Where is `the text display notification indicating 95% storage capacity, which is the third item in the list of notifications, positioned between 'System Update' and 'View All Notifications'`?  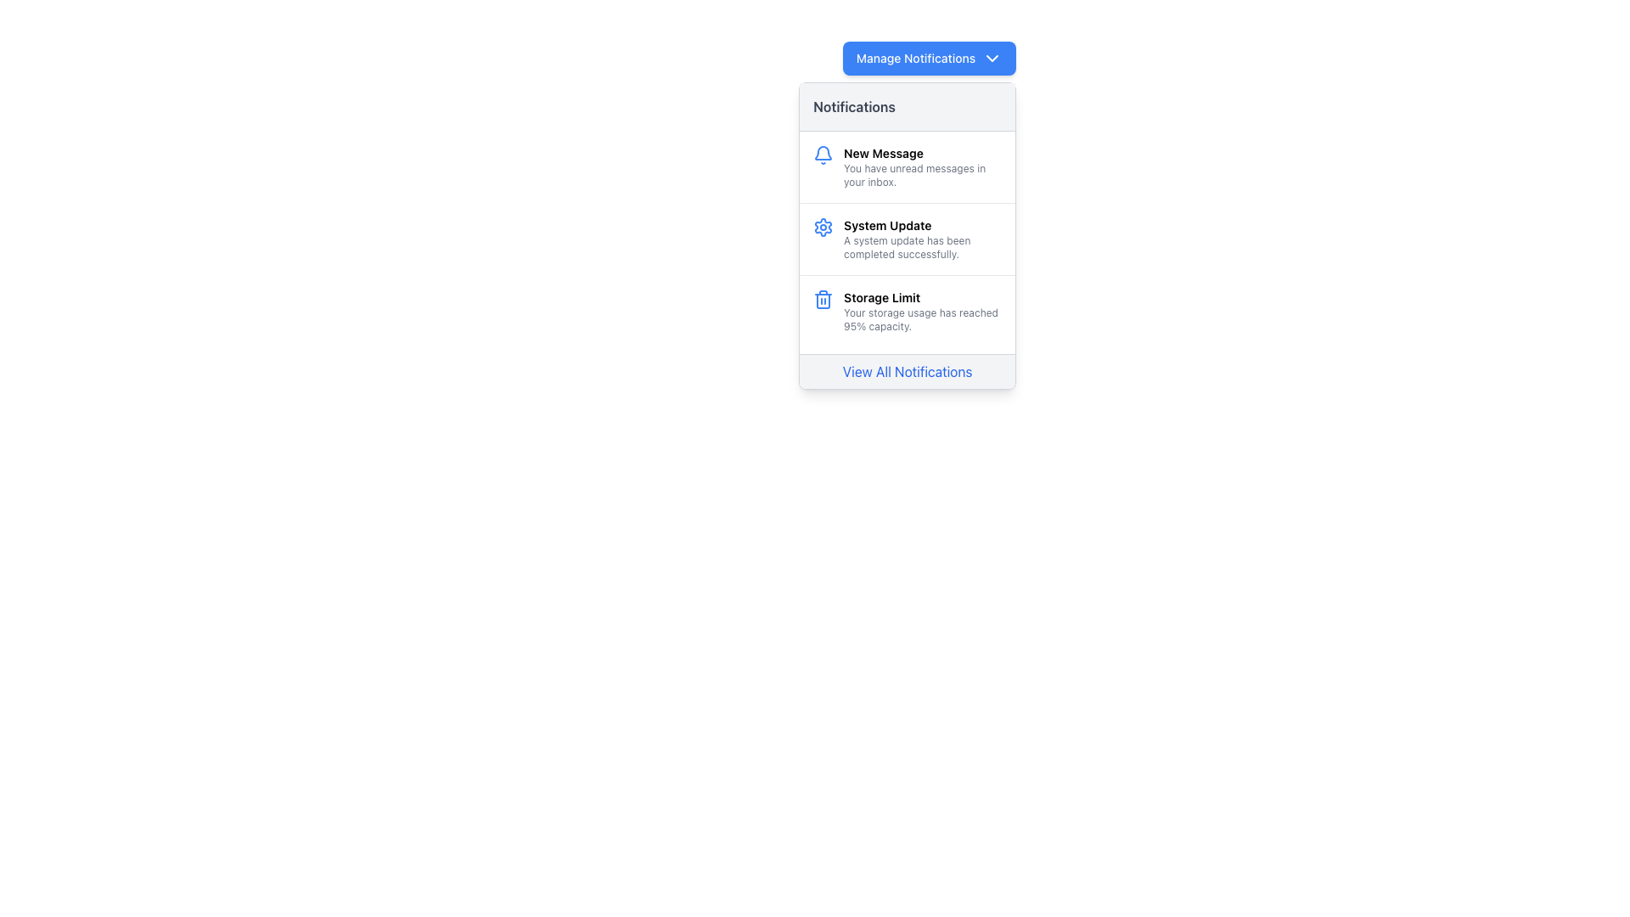 the text display notification indicating 95% storage capacity, which is the third item in the list of notifications, positioned between 'System Update' and 'View All Notifications' is located at coordinates (922, 311).